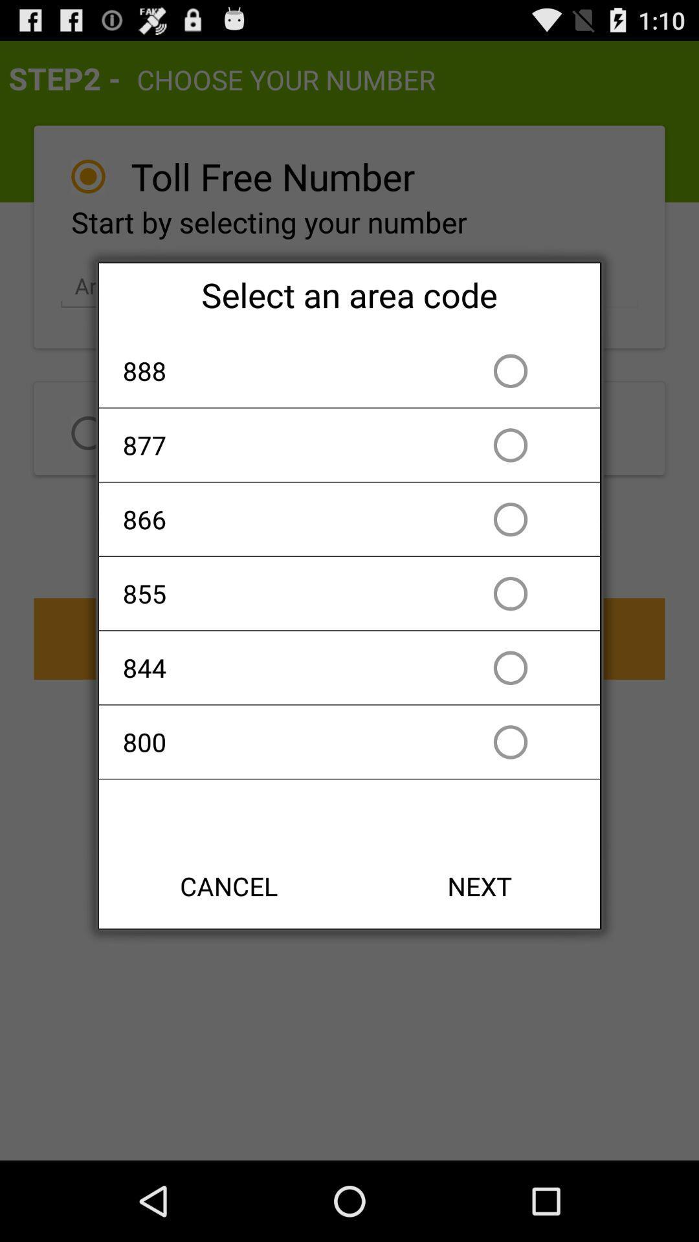  Describe the element at coordinates (274, 668) in the screenshot. I see `the 844 app` at that location.